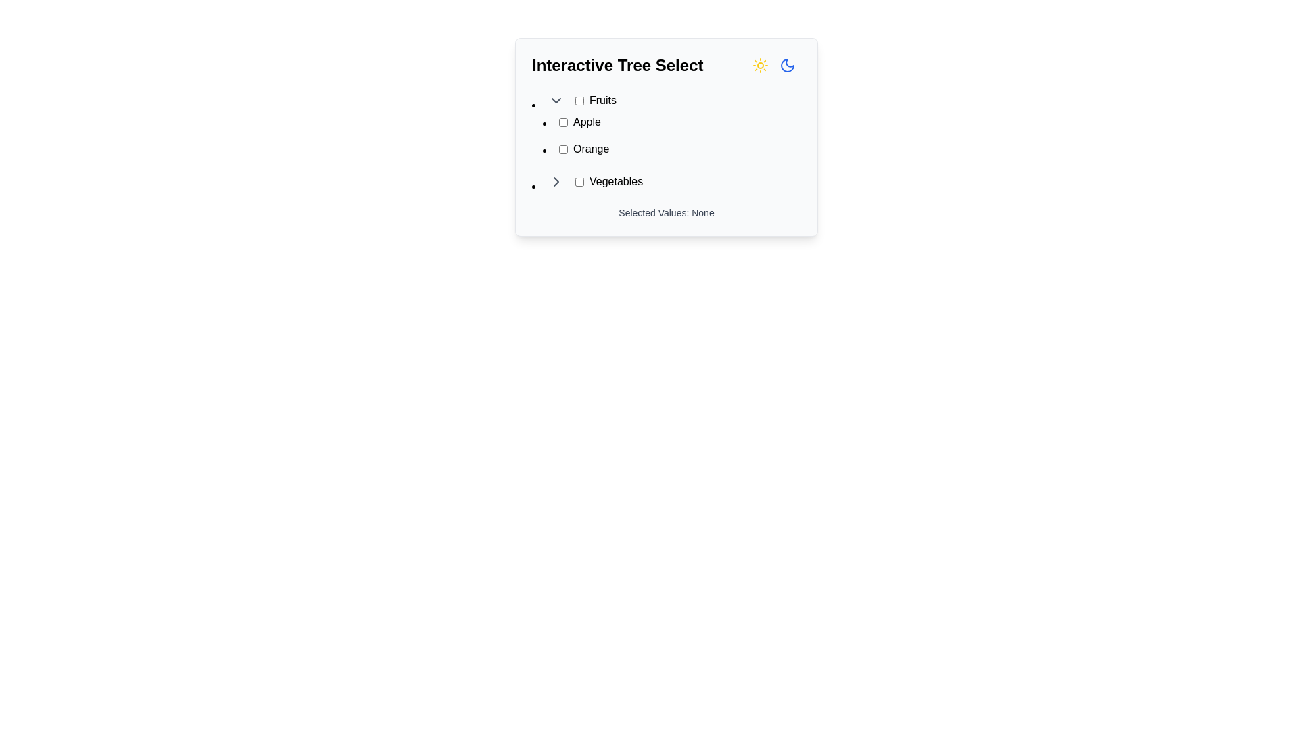 The height and width of the screenshot is (730, 1298). I want to click on the checkbox associated with the label 'Orange' in the 'Interactive Tree Select' panel, so click(563, 149).